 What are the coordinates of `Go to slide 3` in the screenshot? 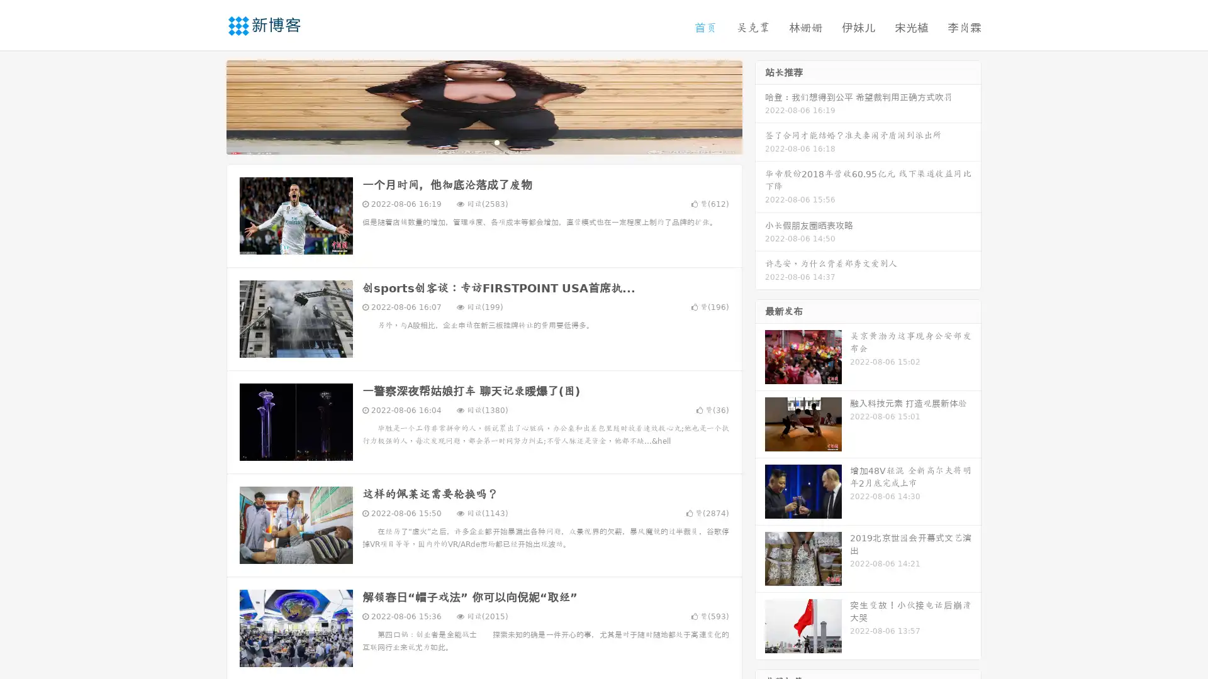 It's located at (496, 141).